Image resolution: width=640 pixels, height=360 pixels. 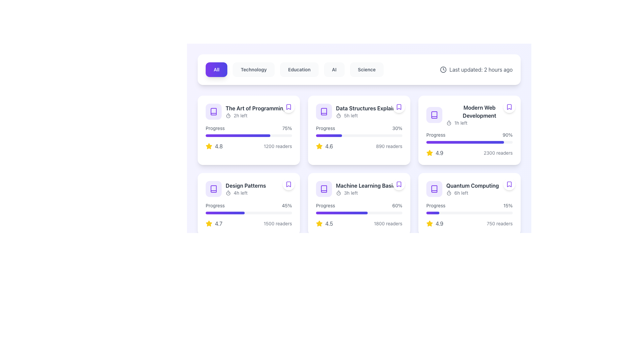 What do you see at coordinates (245, 189) in the screenshot?
I see `the interactive components near the 'Design Patterns' text label, which includes a bold title in dark gray and a lighter gray text stating '4h left' with a clock icon` at bounding box center [245, 189].